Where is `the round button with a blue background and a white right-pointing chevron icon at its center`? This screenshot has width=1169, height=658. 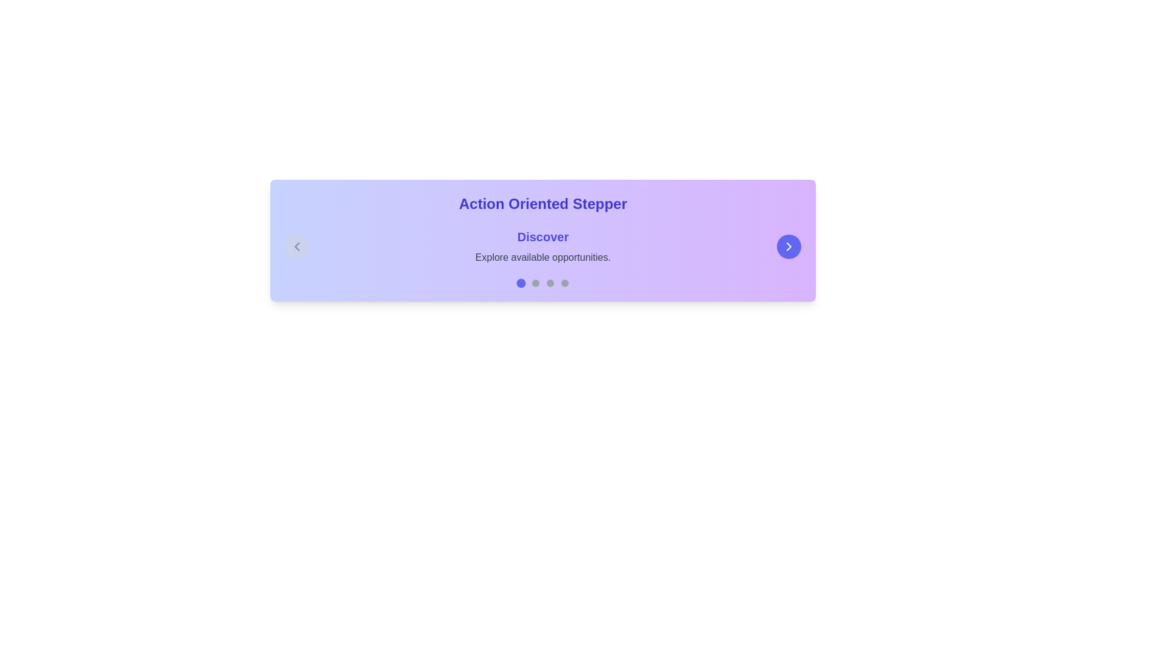
the round button with a blue background and a white right-pointing chevron icon at its center is located at coordinates (789, 247).